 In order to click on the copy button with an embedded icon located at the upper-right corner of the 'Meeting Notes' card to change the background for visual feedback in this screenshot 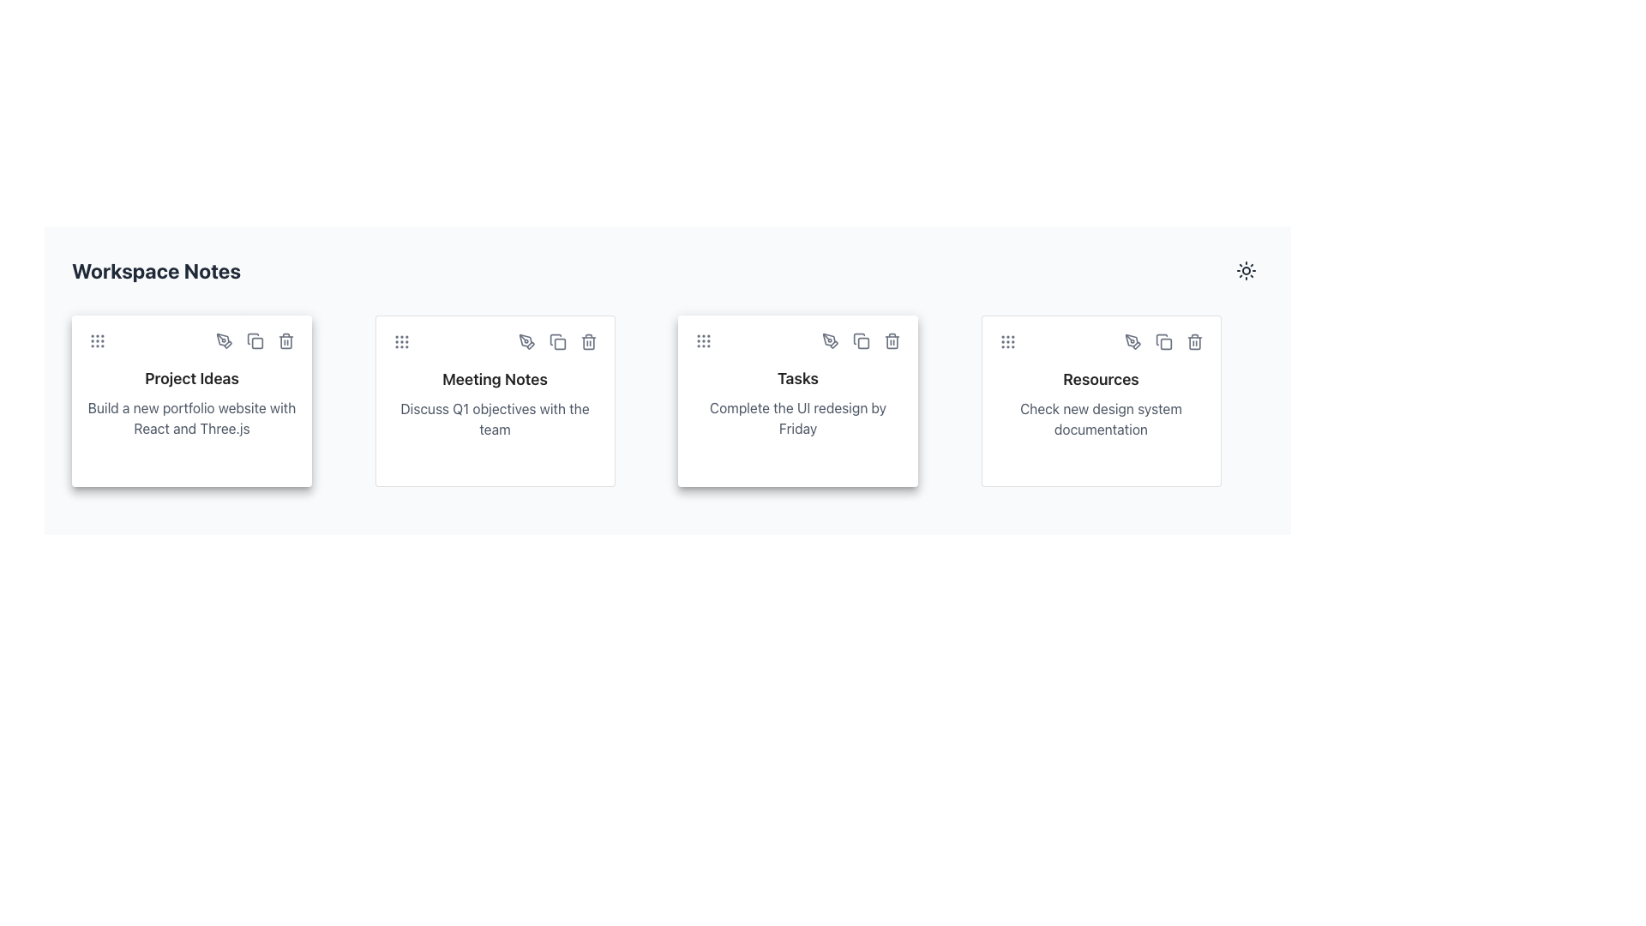, I will do `click(557, 341)`.